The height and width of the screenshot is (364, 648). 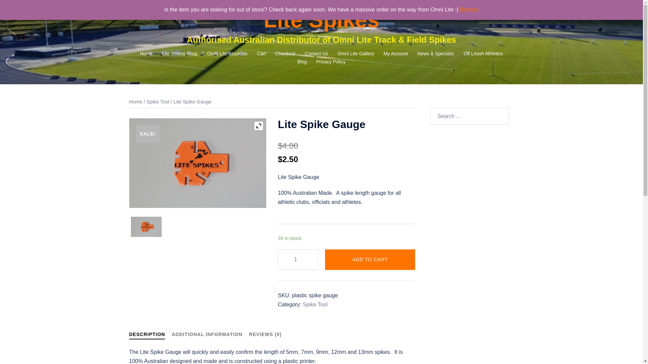 I want to click on 'Plastic Spike Gauge 2', so click(x=146, y=226).